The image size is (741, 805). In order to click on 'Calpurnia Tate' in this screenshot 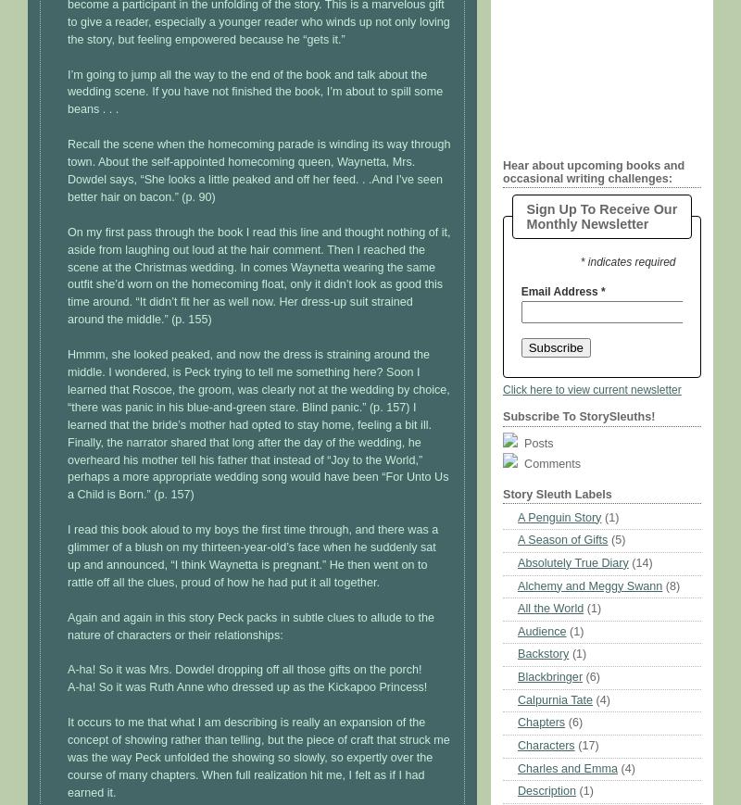, I will do `click(517, 698)`.